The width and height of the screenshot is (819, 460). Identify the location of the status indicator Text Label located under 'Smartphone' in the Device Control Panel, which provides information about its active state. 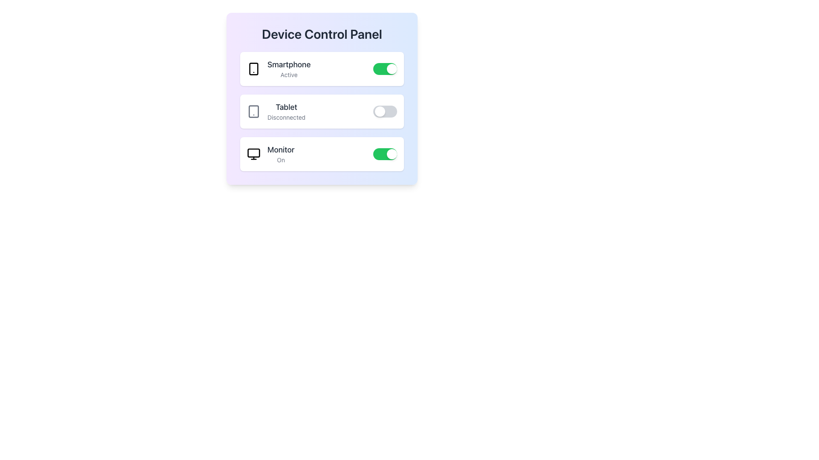
(289, 75).